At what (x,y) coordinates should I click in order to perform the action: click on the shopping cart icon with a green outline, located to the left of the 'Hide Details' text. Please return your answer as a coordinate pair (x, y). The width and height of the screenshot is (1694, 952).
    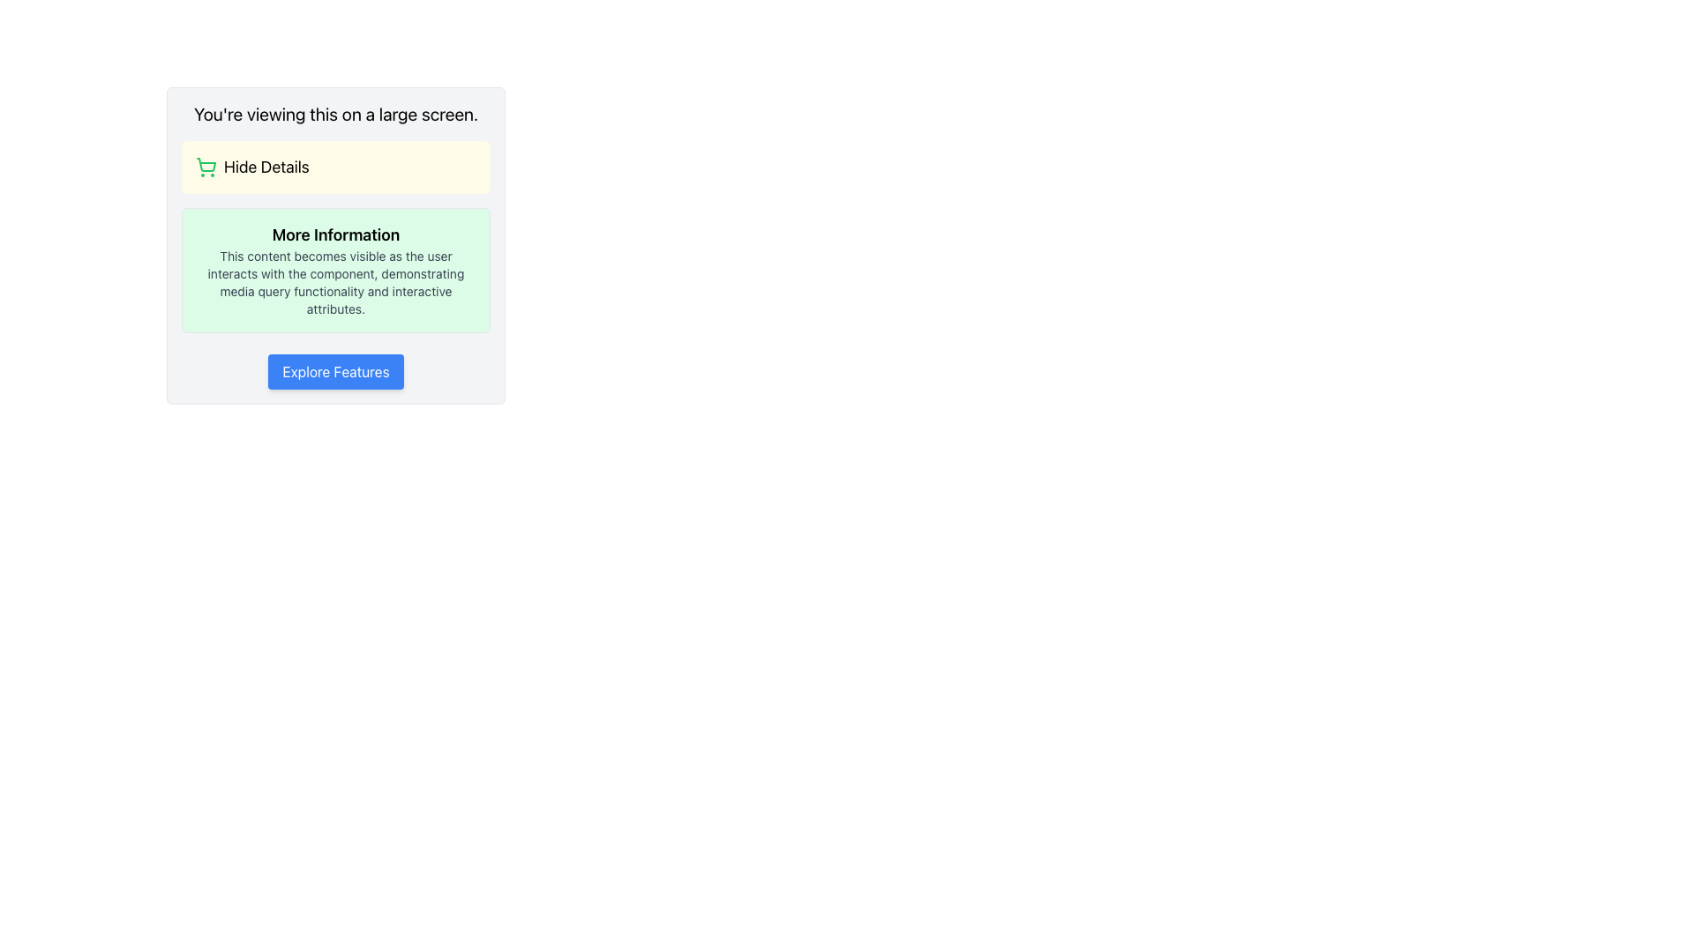
    Looking at the image, I should click on (206, 167).